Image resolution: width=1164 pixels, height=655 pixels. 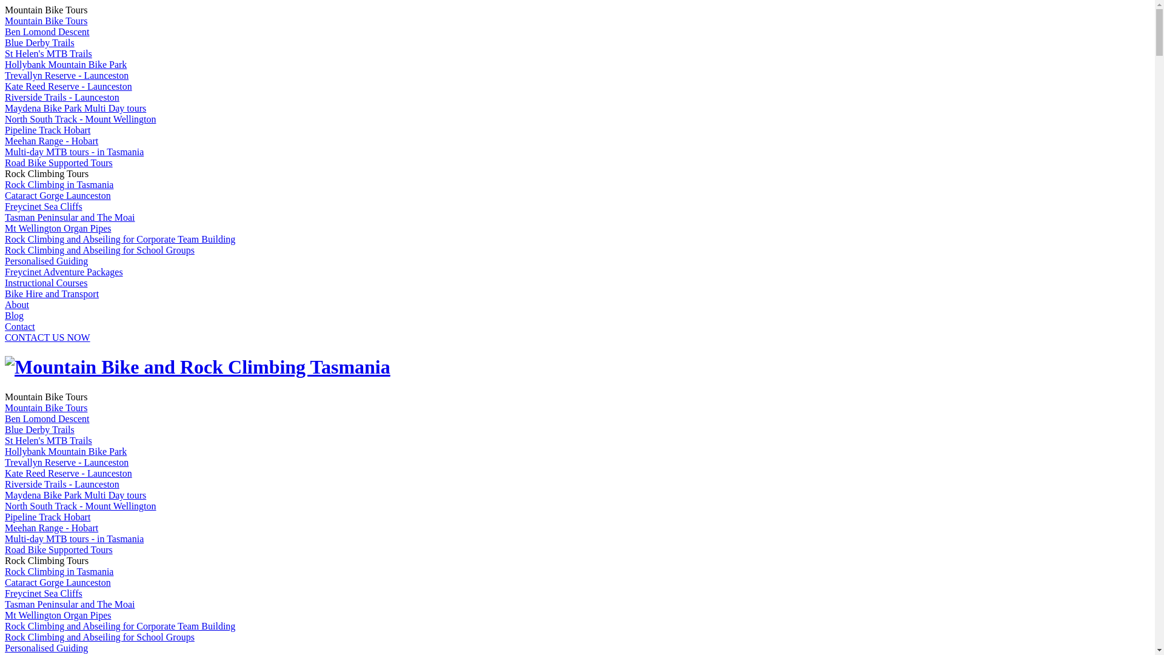 What do you see at coordinates (47, 517) in the screenshot?
I see `'Pipeline Track Hobart'` at bounding box center [47, 517].